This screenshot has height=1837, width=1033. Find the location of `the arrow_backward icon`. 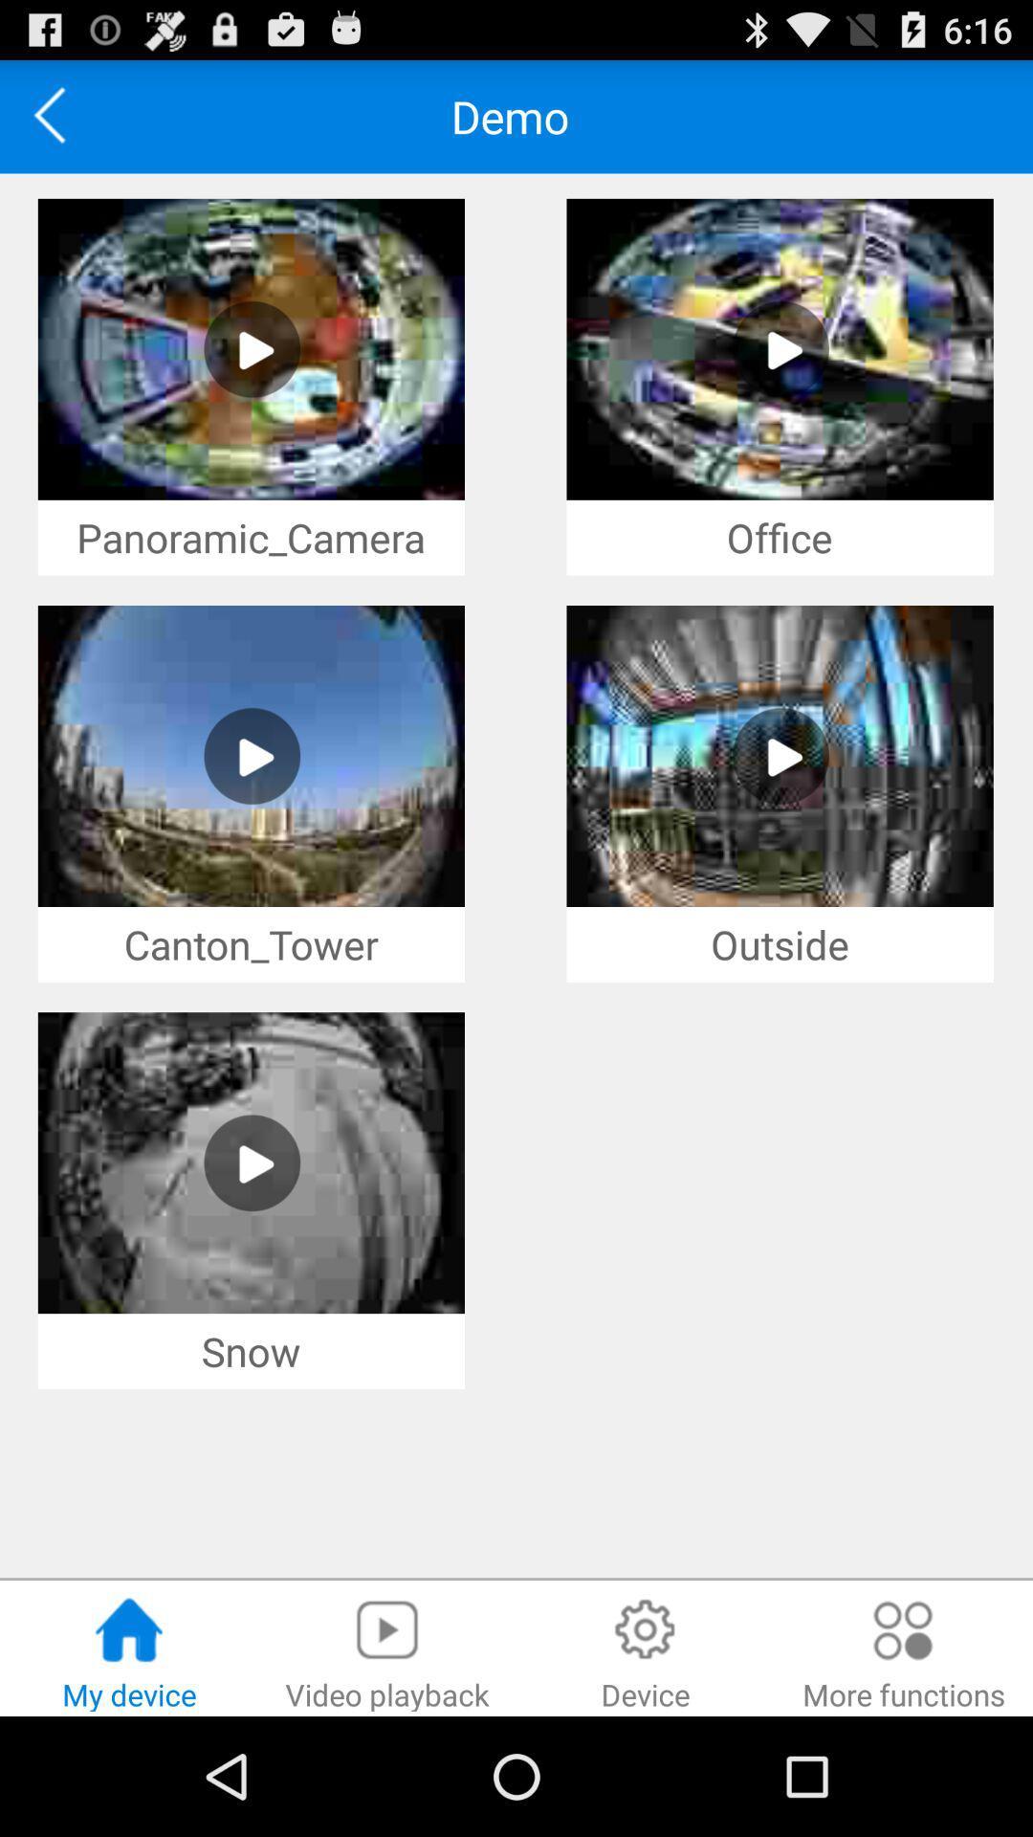

the arrow_backward icon is located at coordinates (55, 123).